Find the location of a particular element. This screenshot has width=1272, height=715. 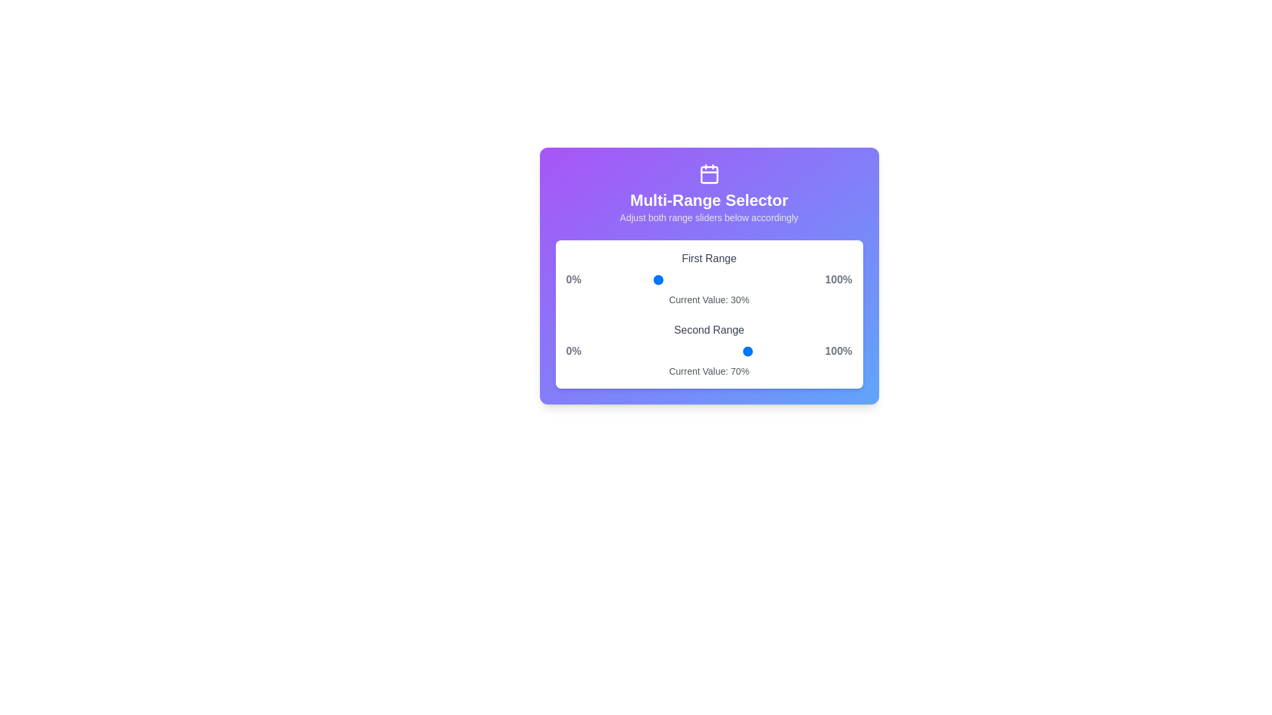

the second slider range is located at coordinates (739, 351).